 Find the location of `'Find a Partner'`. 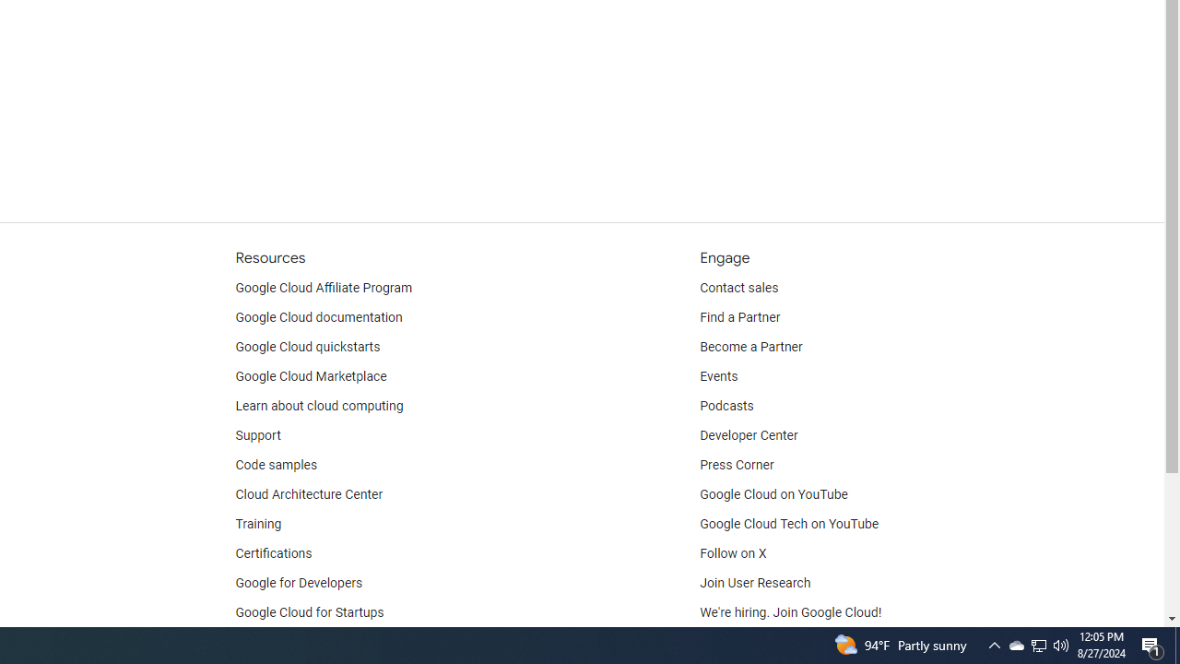

'Find a Partner' is located at coordinates (740, 316).